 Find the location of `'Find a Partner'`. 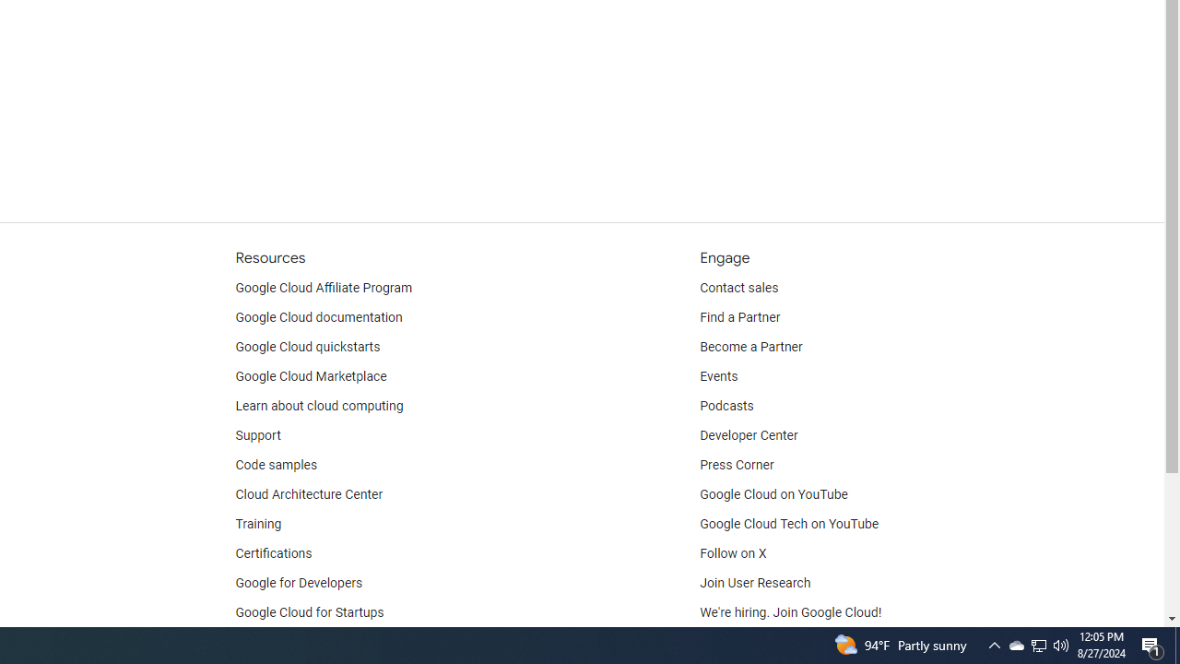

'Find a Partner' is located at coordinates (740, 316).